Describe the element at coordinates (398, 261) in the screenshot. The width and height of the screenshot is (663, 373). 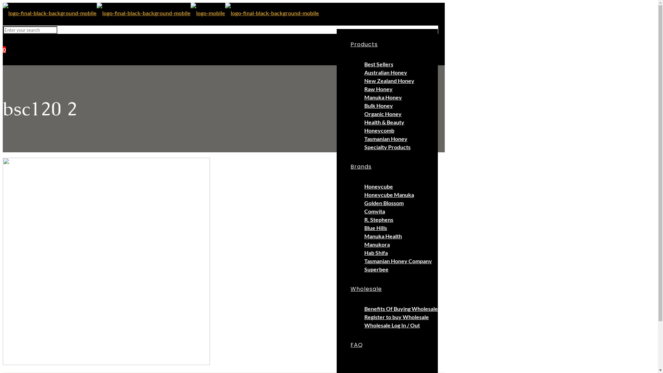
I see `'Tasmanian Honey Company'` at that location.